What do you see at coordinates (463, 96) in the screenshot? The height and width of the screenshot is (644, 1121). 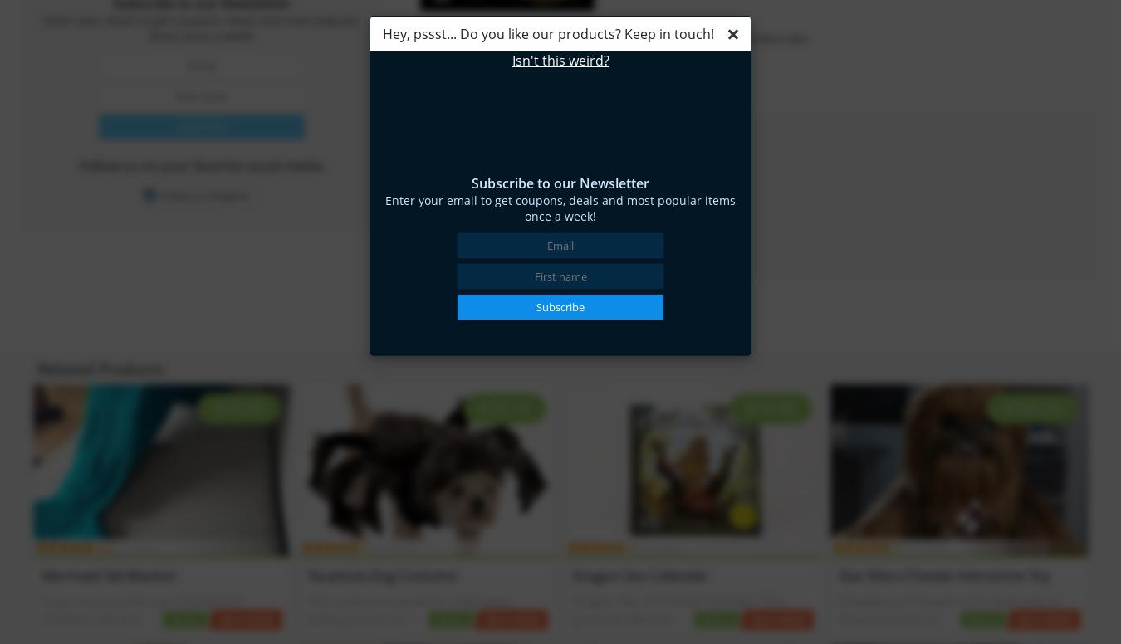 I see `'Reviews (0)'` at bounding box center [463, 96].